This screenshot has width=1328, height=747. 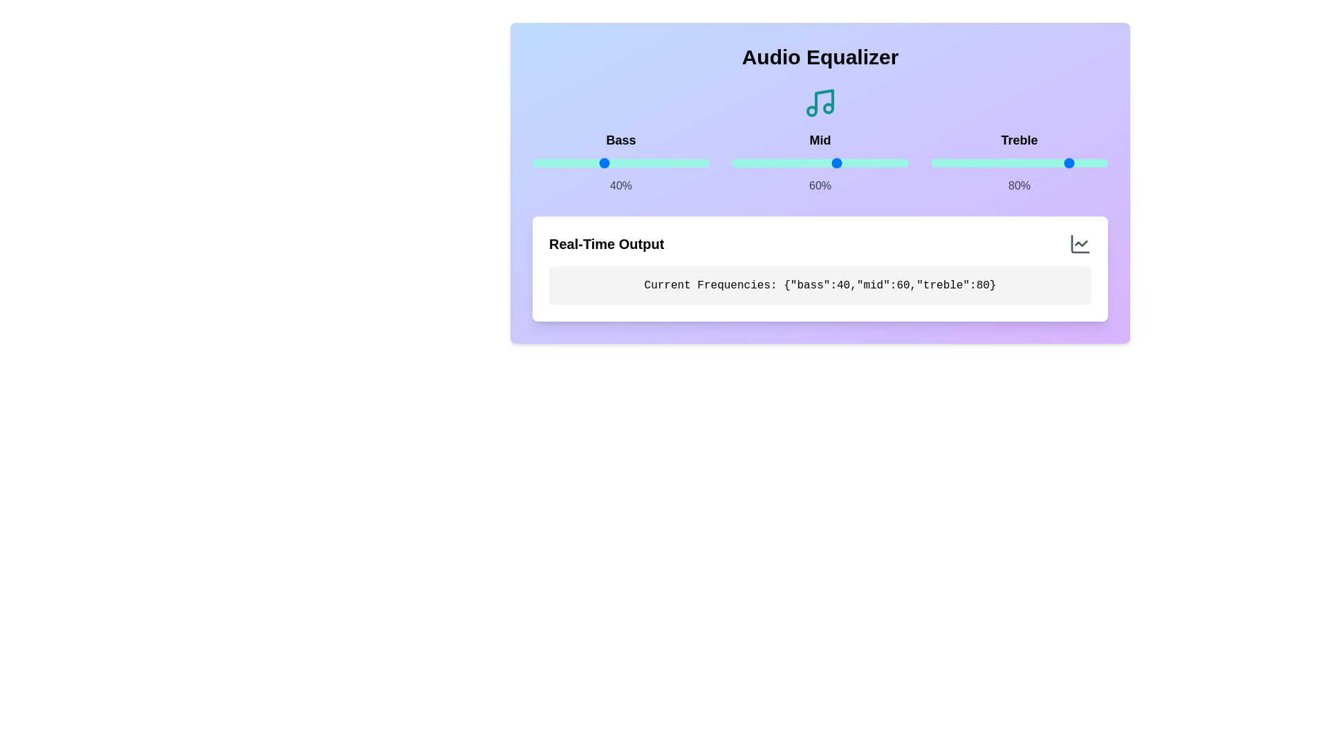 What do you see at coordinates (824, 100) in the screenshot?
I see `the vertical line segment within the SVG representation of the musical note, located at the upper part of the icon and slightly off-center` at bounding box center [824, 100].